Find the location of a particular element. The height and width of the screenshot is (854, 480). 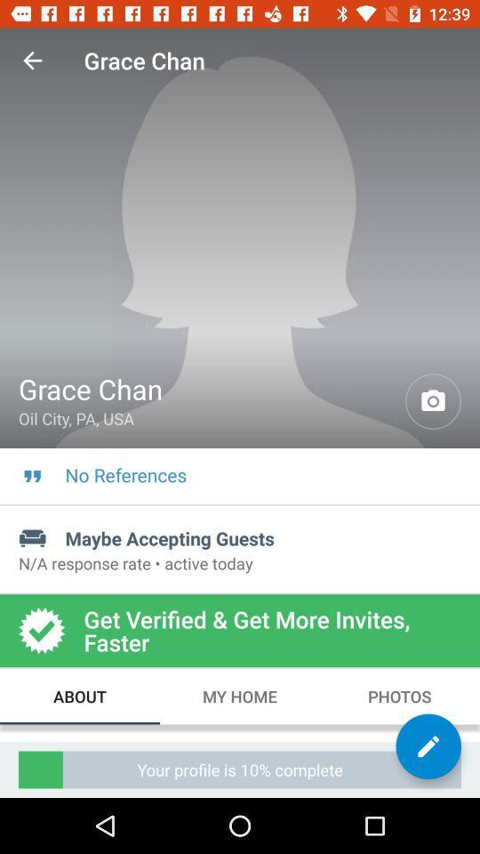

go back is located at coordinates (32, 60).